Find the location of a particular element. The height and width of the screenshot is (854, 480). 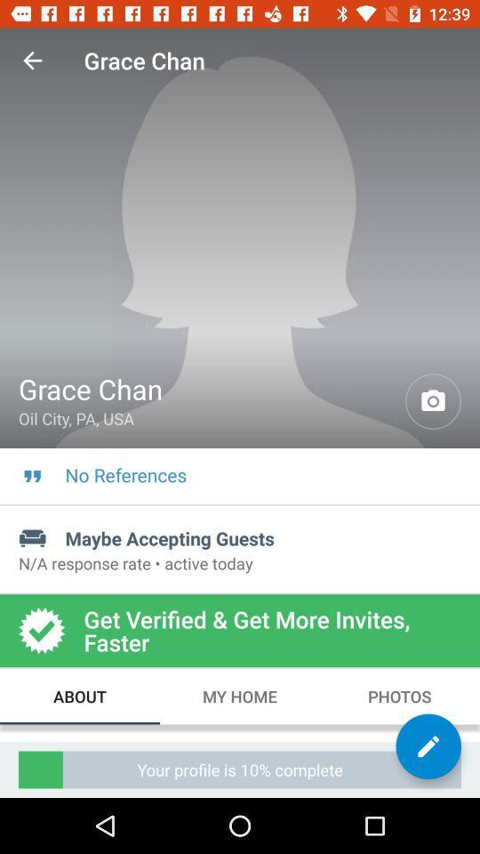

go back is located at coordinates (32, 60).